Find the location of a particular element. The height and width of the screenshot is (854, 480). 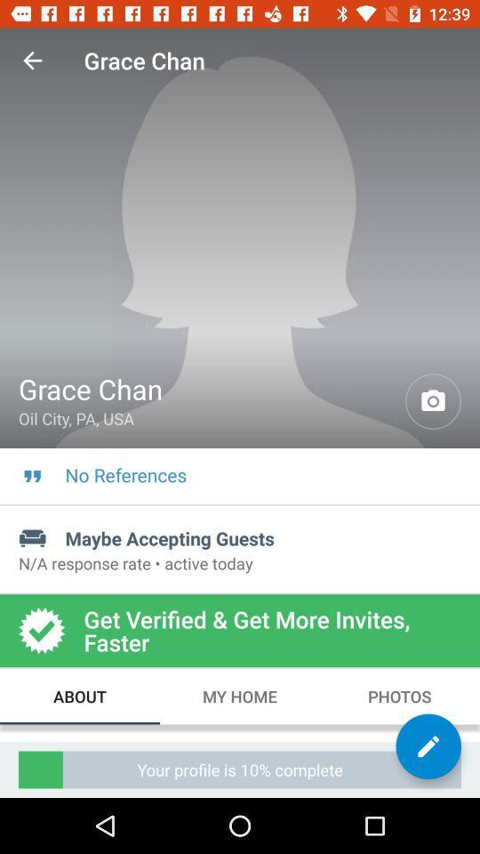

go back is located at coordinates (32, 60).